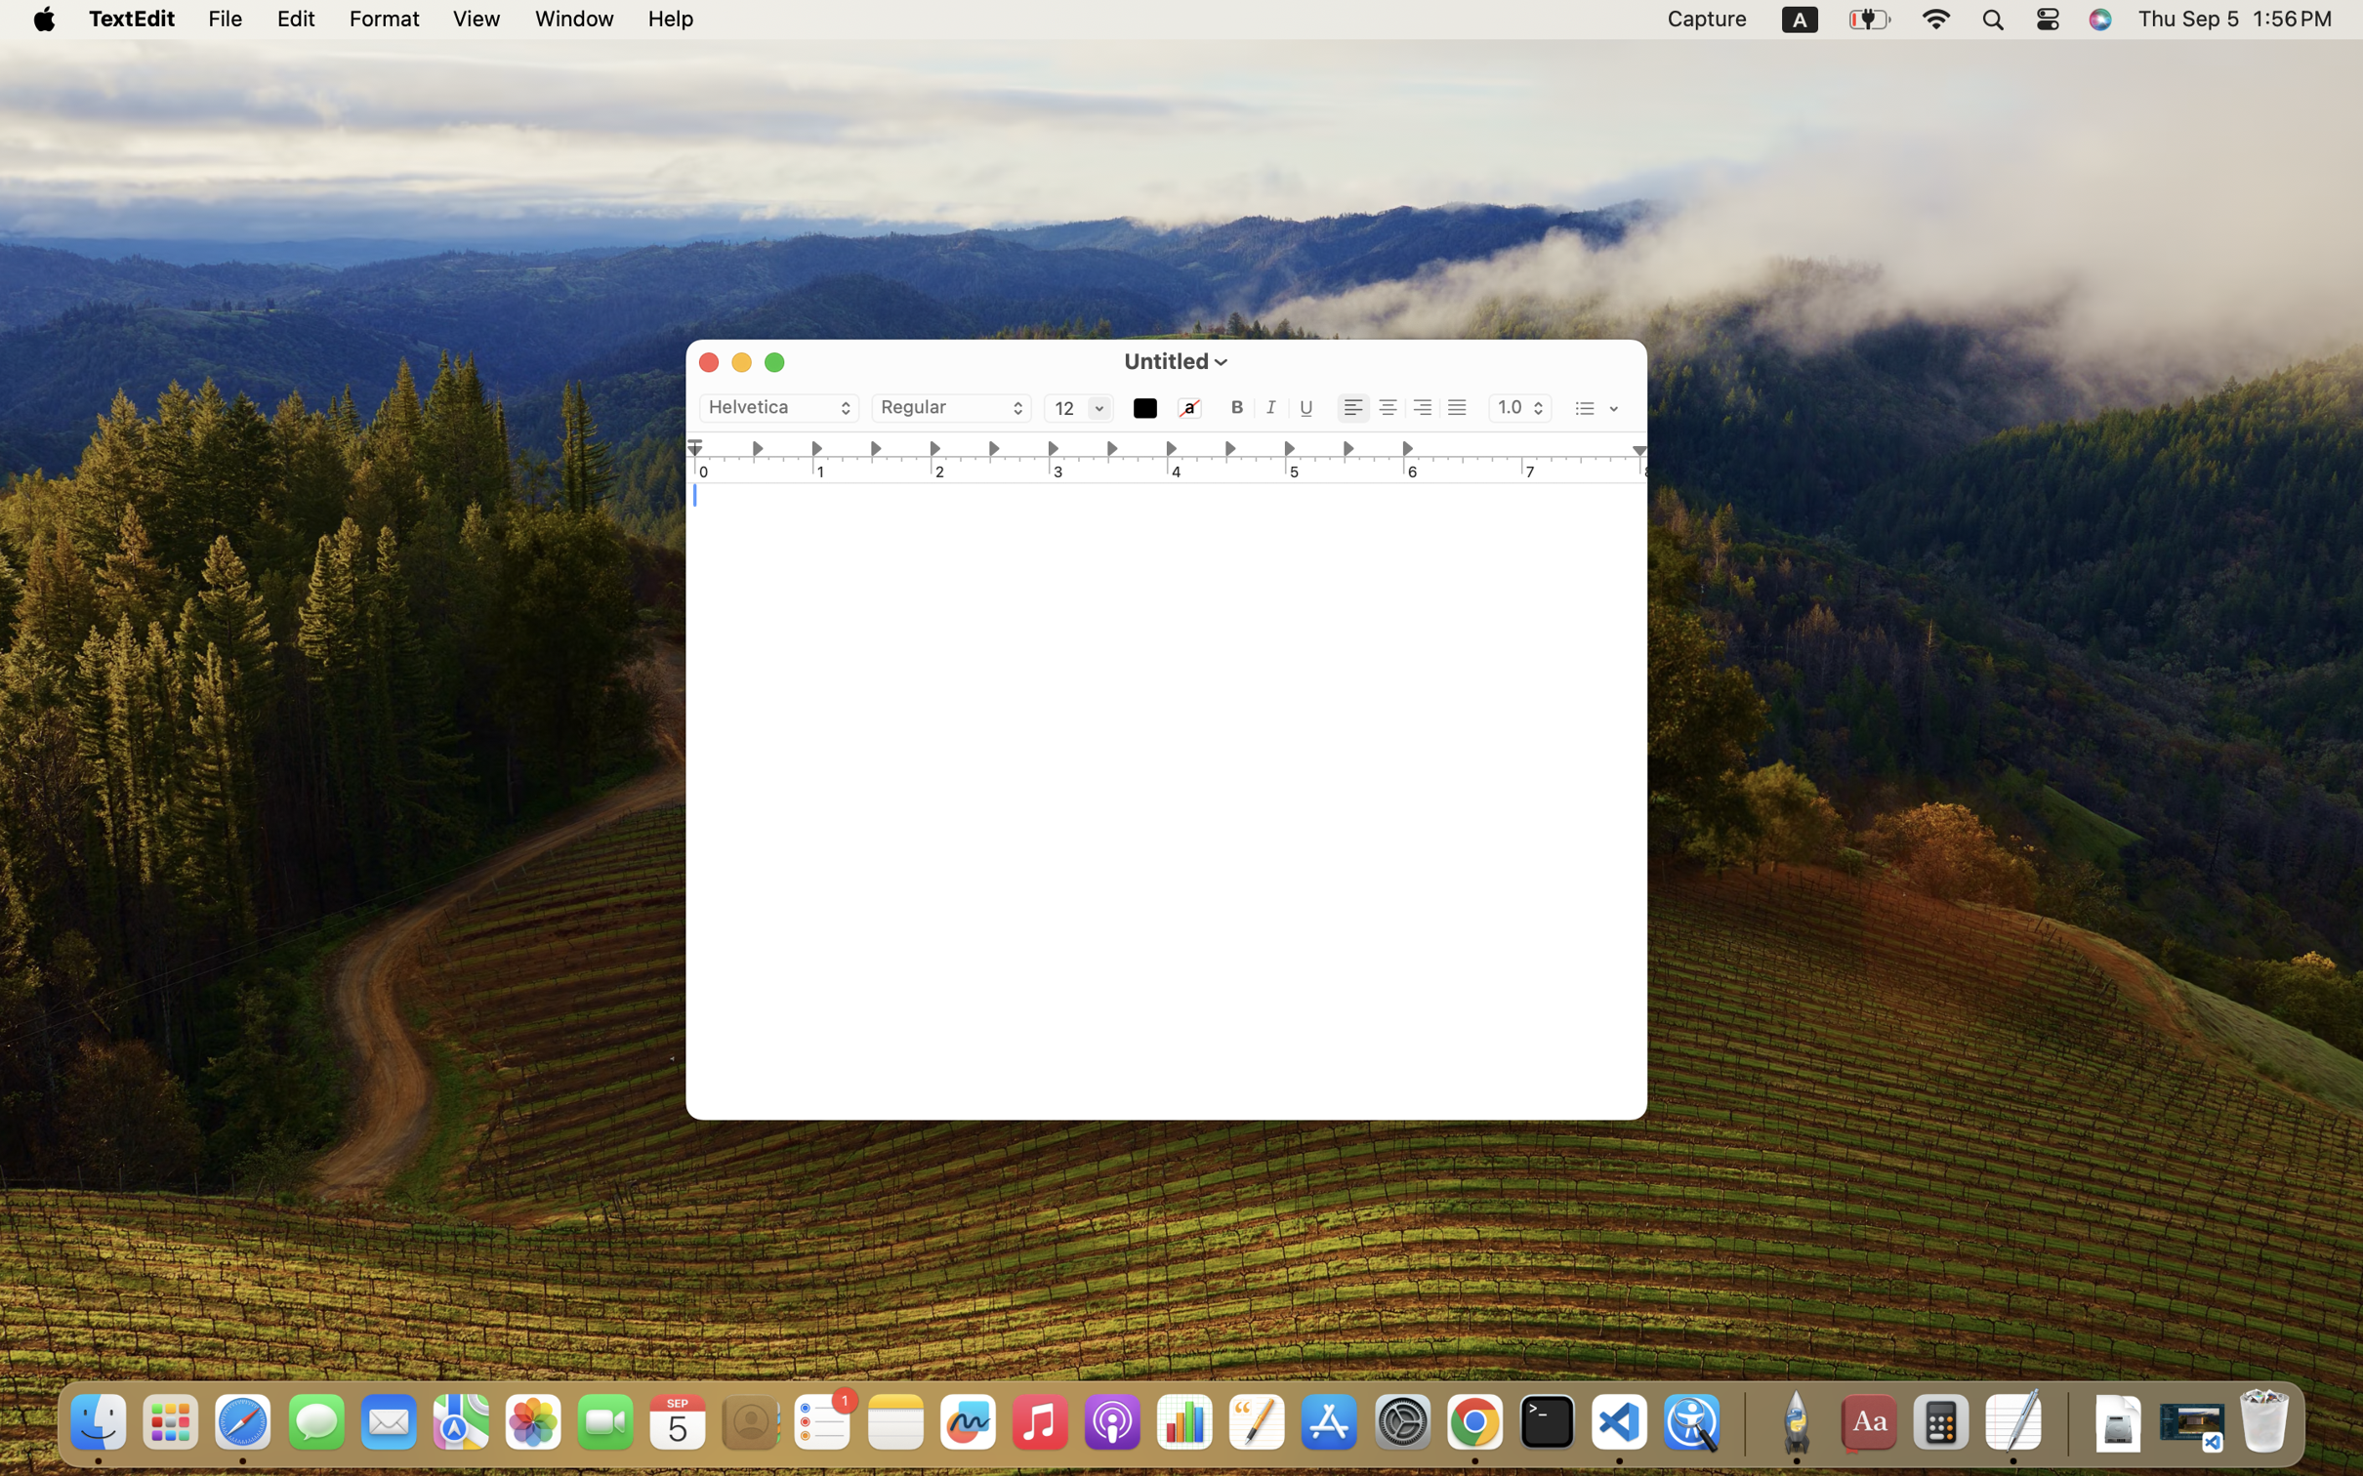 Image resolution: width=2363 pixels, height=1476 pixels. Describe the element at coordinates (952, 407) in the screenshot. I see `'Regular'` at that location.